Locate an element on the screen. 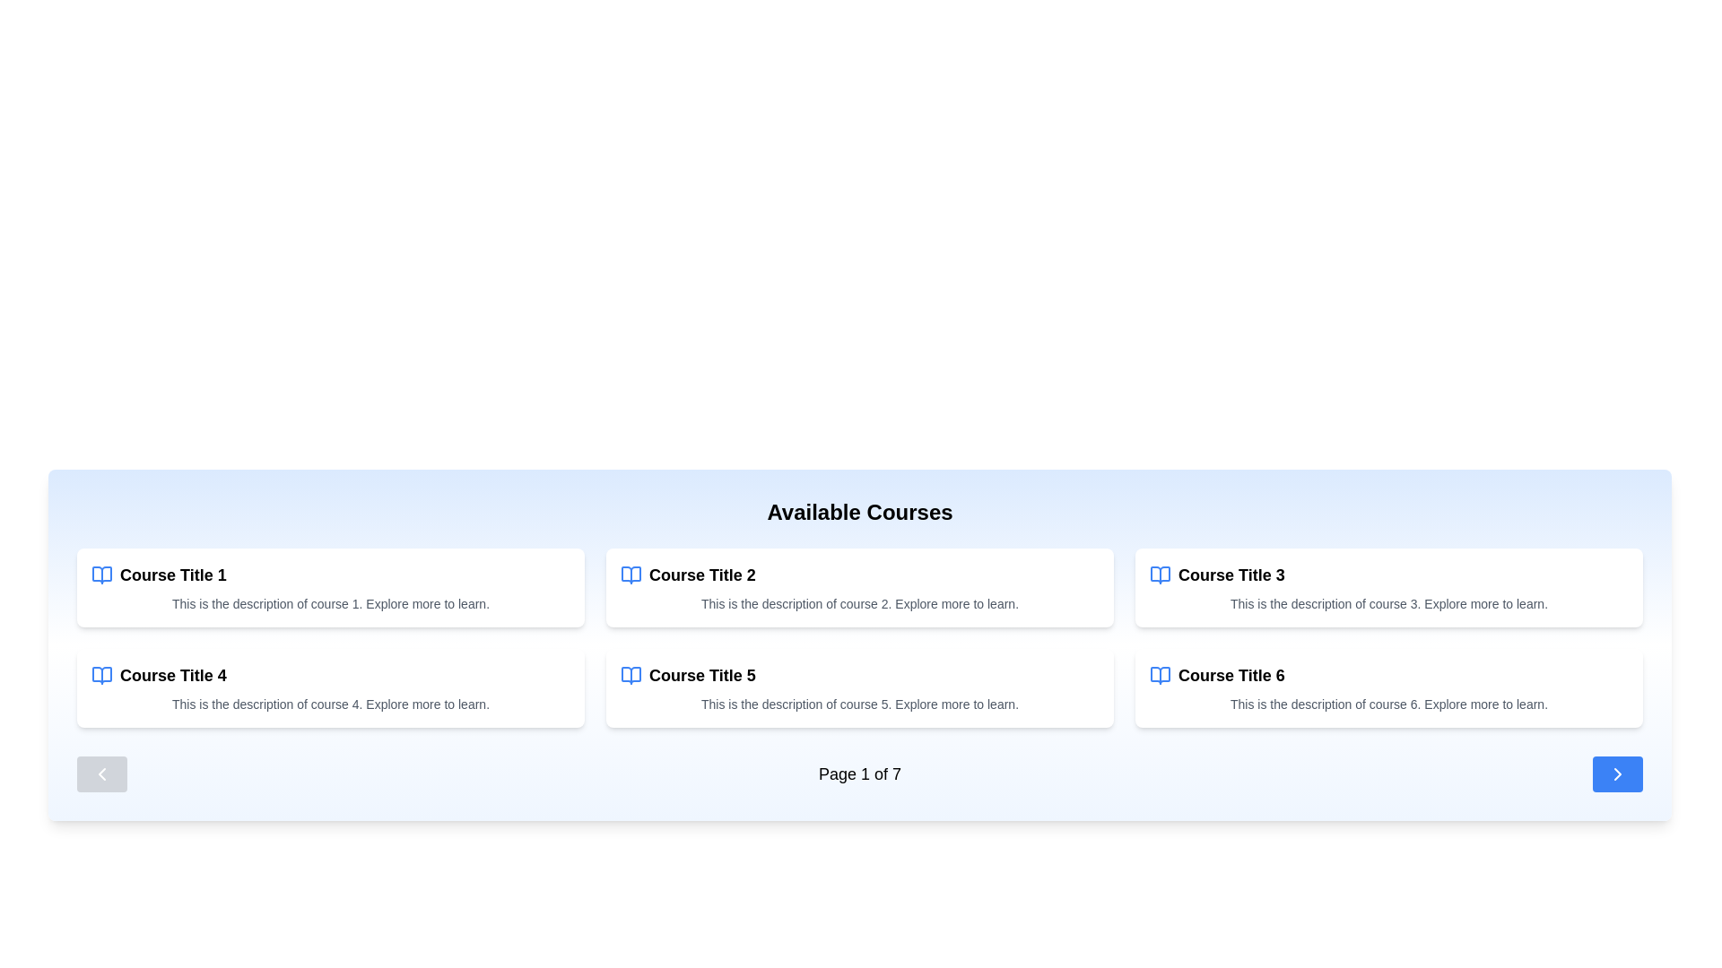  the right-side component of the book icon, which appears as a red rounded rectangular shape located in the second row of cards under 'Course Title 4' is located at coordinates (101, 675).